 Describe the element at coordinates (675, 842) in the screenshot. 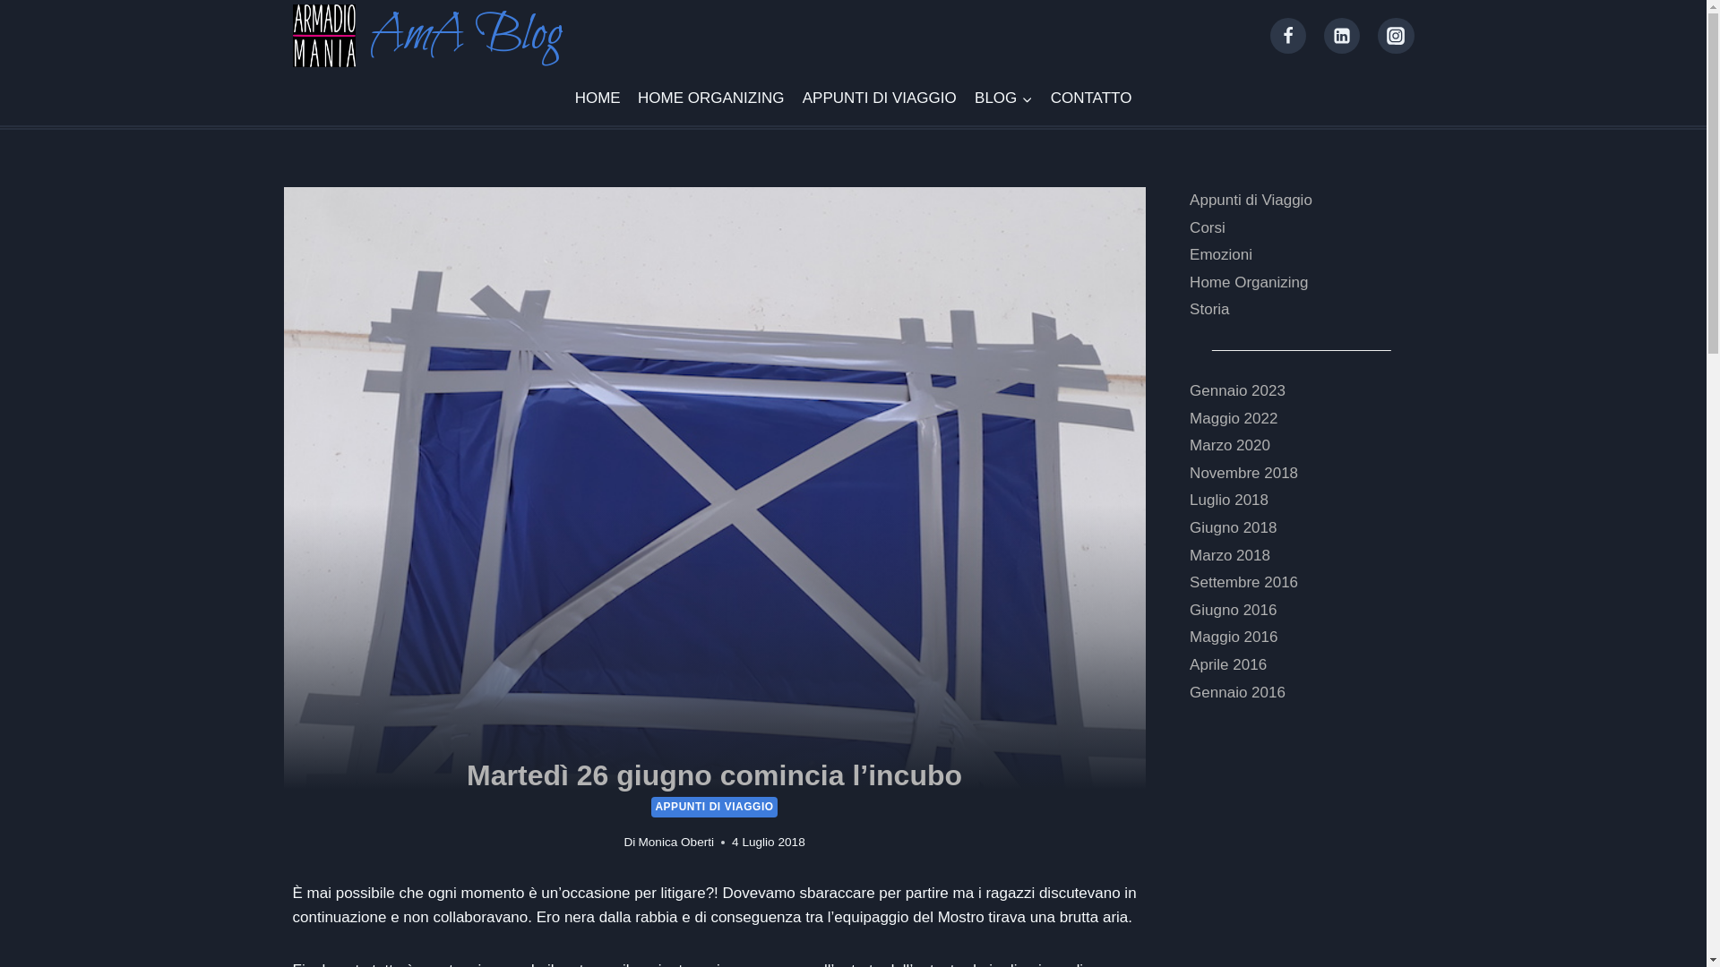

I see `'Monica Oberti'` at that location.